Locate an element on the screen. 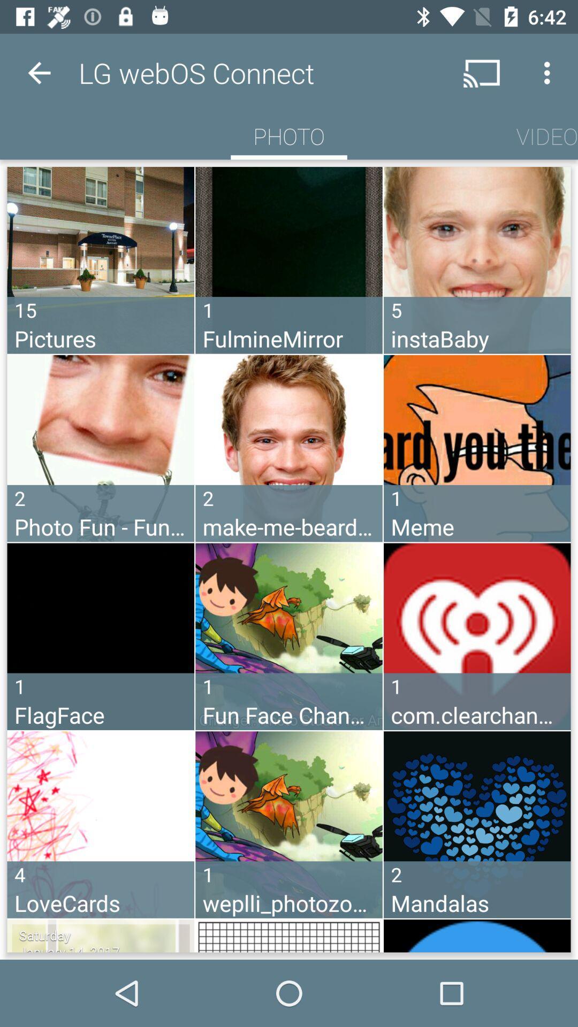 The height and width of the screenshot is (1027, 578). video icon is located at coordinates (547, 135).